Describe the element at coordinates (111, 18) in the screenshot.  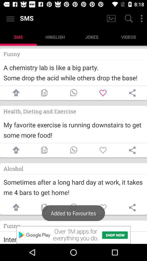
I see `gallery` at that location.